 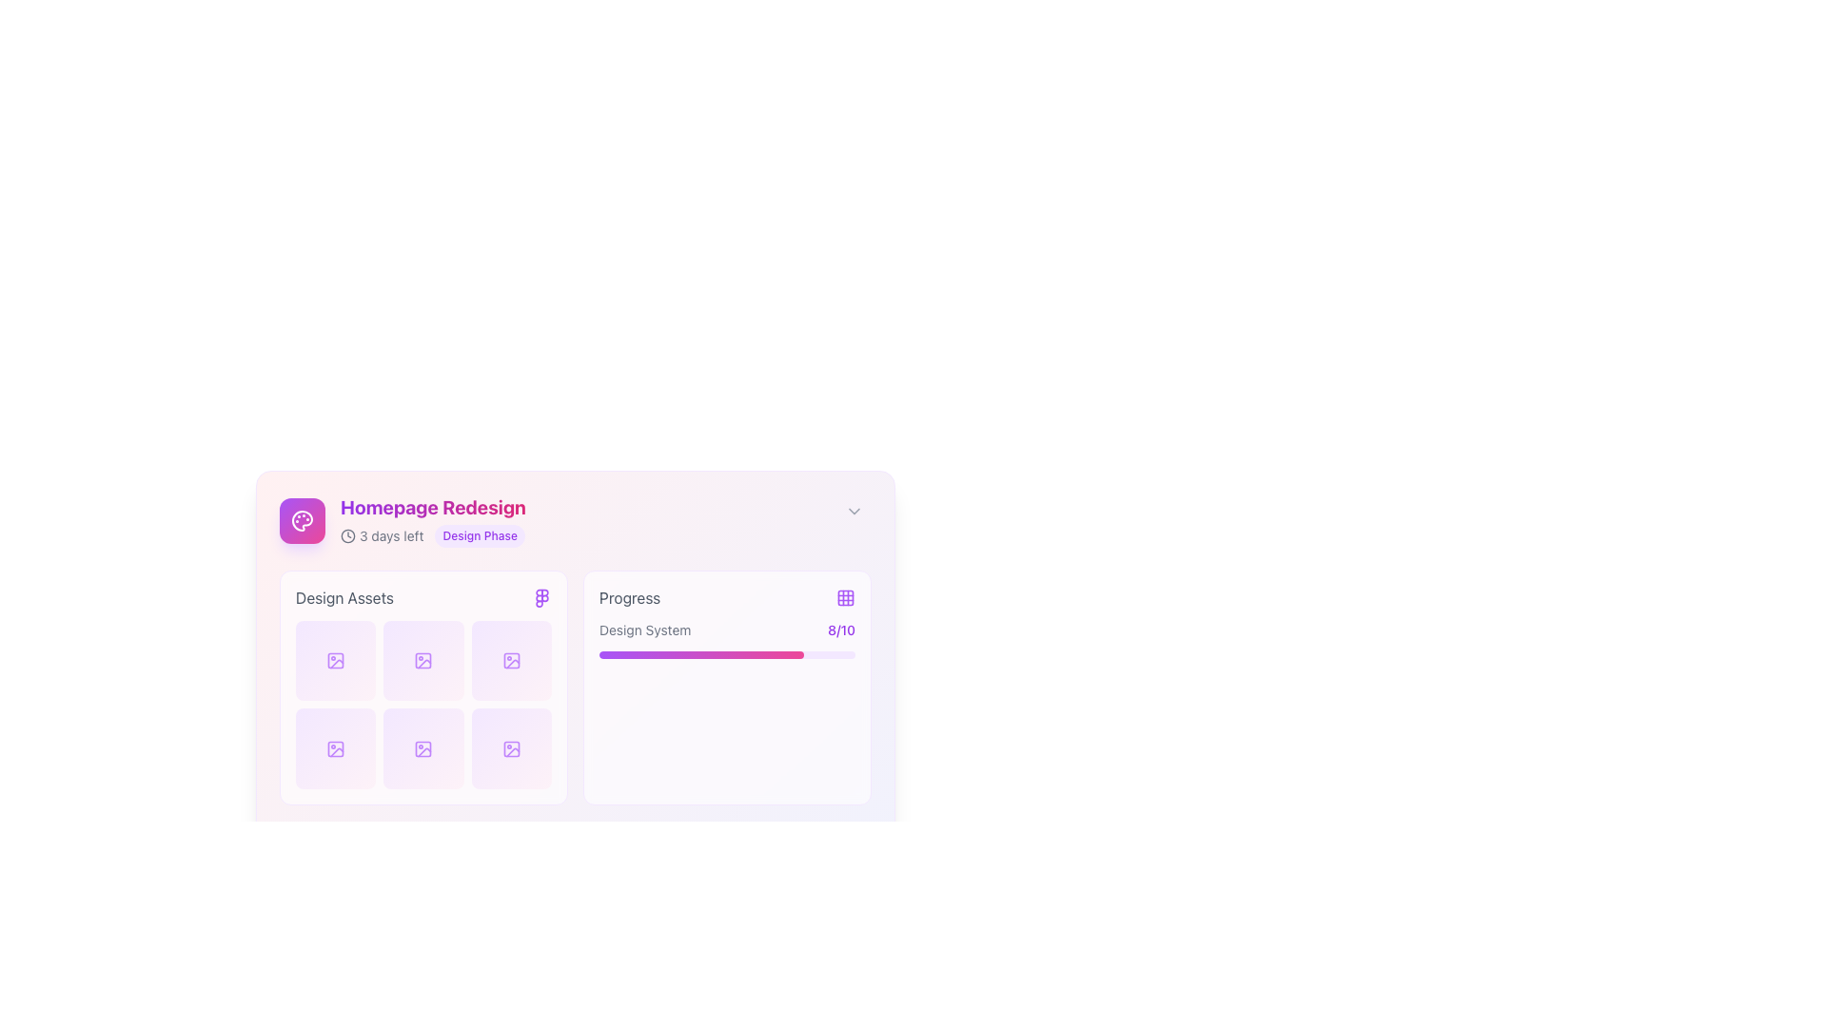 What do you see at coordinates (422, 660) in the screenshot?
I see `the Image placeholder tile, which has a gradient background from purple to pink and an image icon at its center` at bounding box center [422, 660].